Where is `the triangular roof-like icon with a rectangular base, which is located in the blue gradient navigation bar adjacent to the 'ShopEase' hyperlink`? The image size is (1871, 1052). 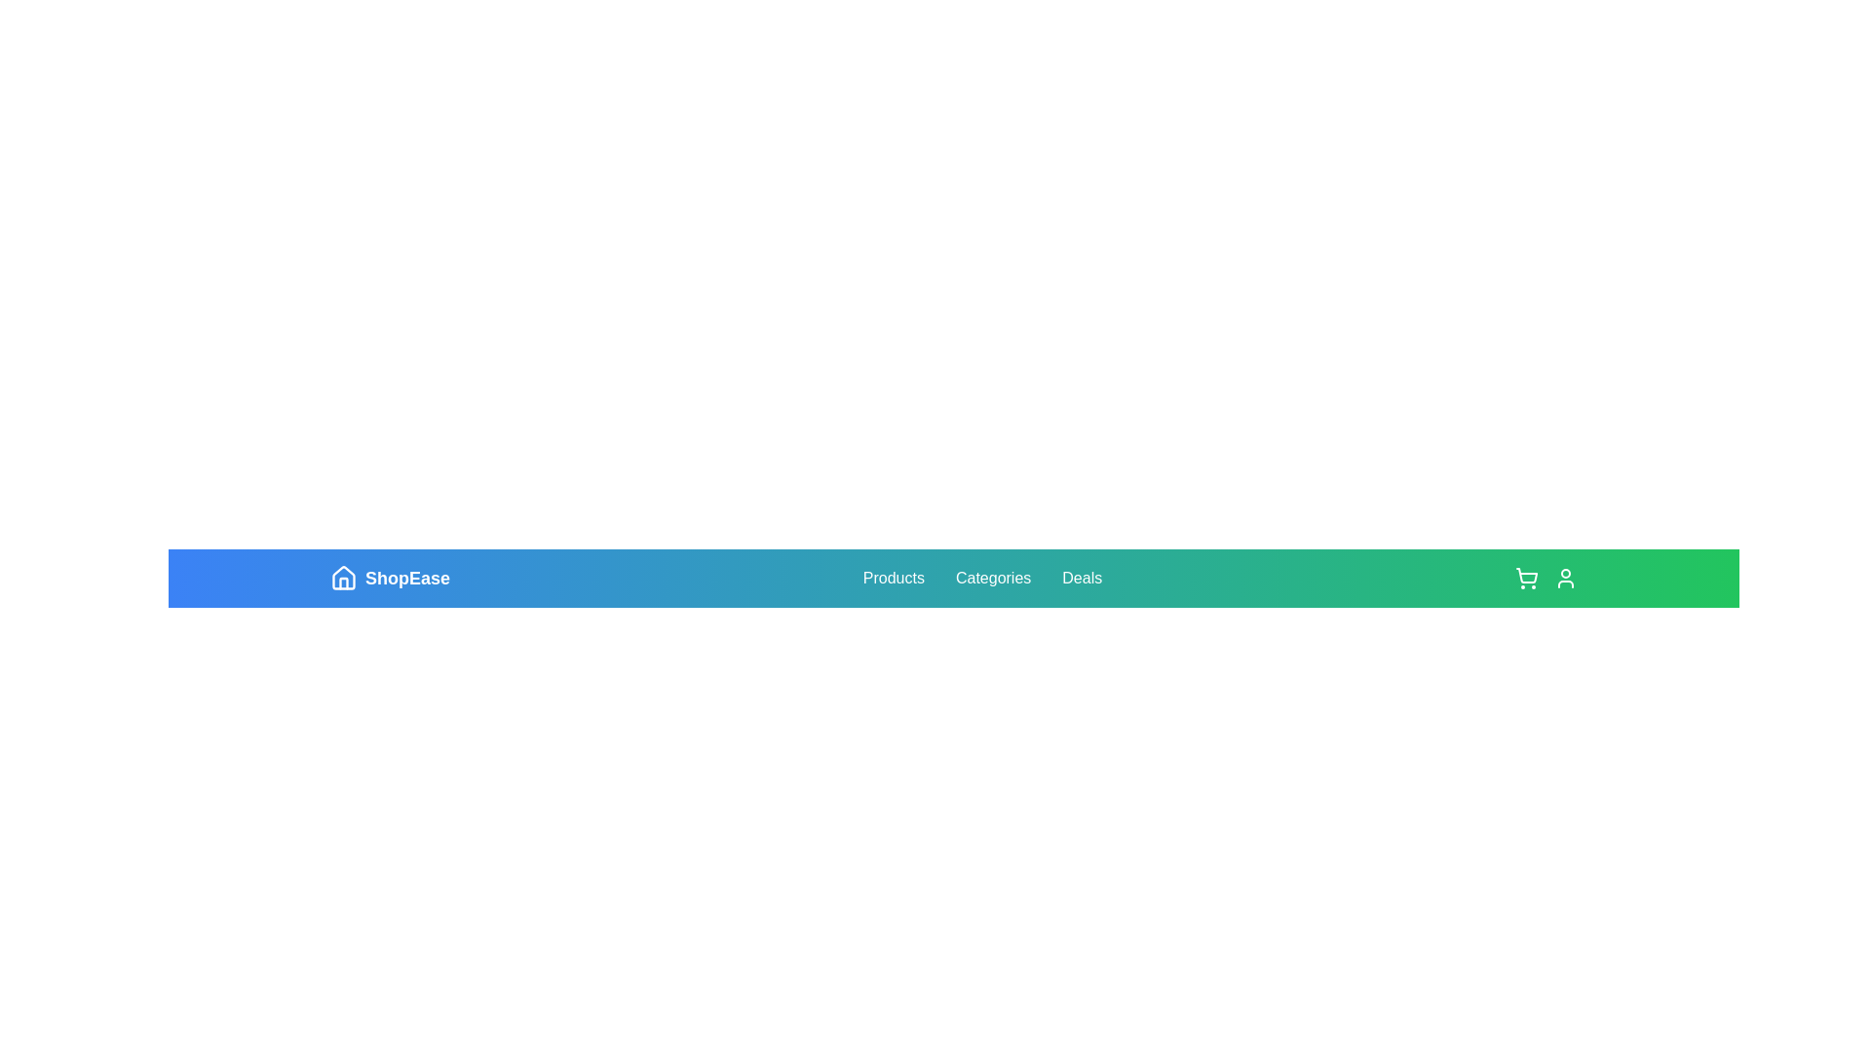
the triangular roof-like icon with a rectangular base, which is located in the blue gradient navigation bar adjacent to the 'ShopEase' hyperlink is located at coordinates (344, 577).